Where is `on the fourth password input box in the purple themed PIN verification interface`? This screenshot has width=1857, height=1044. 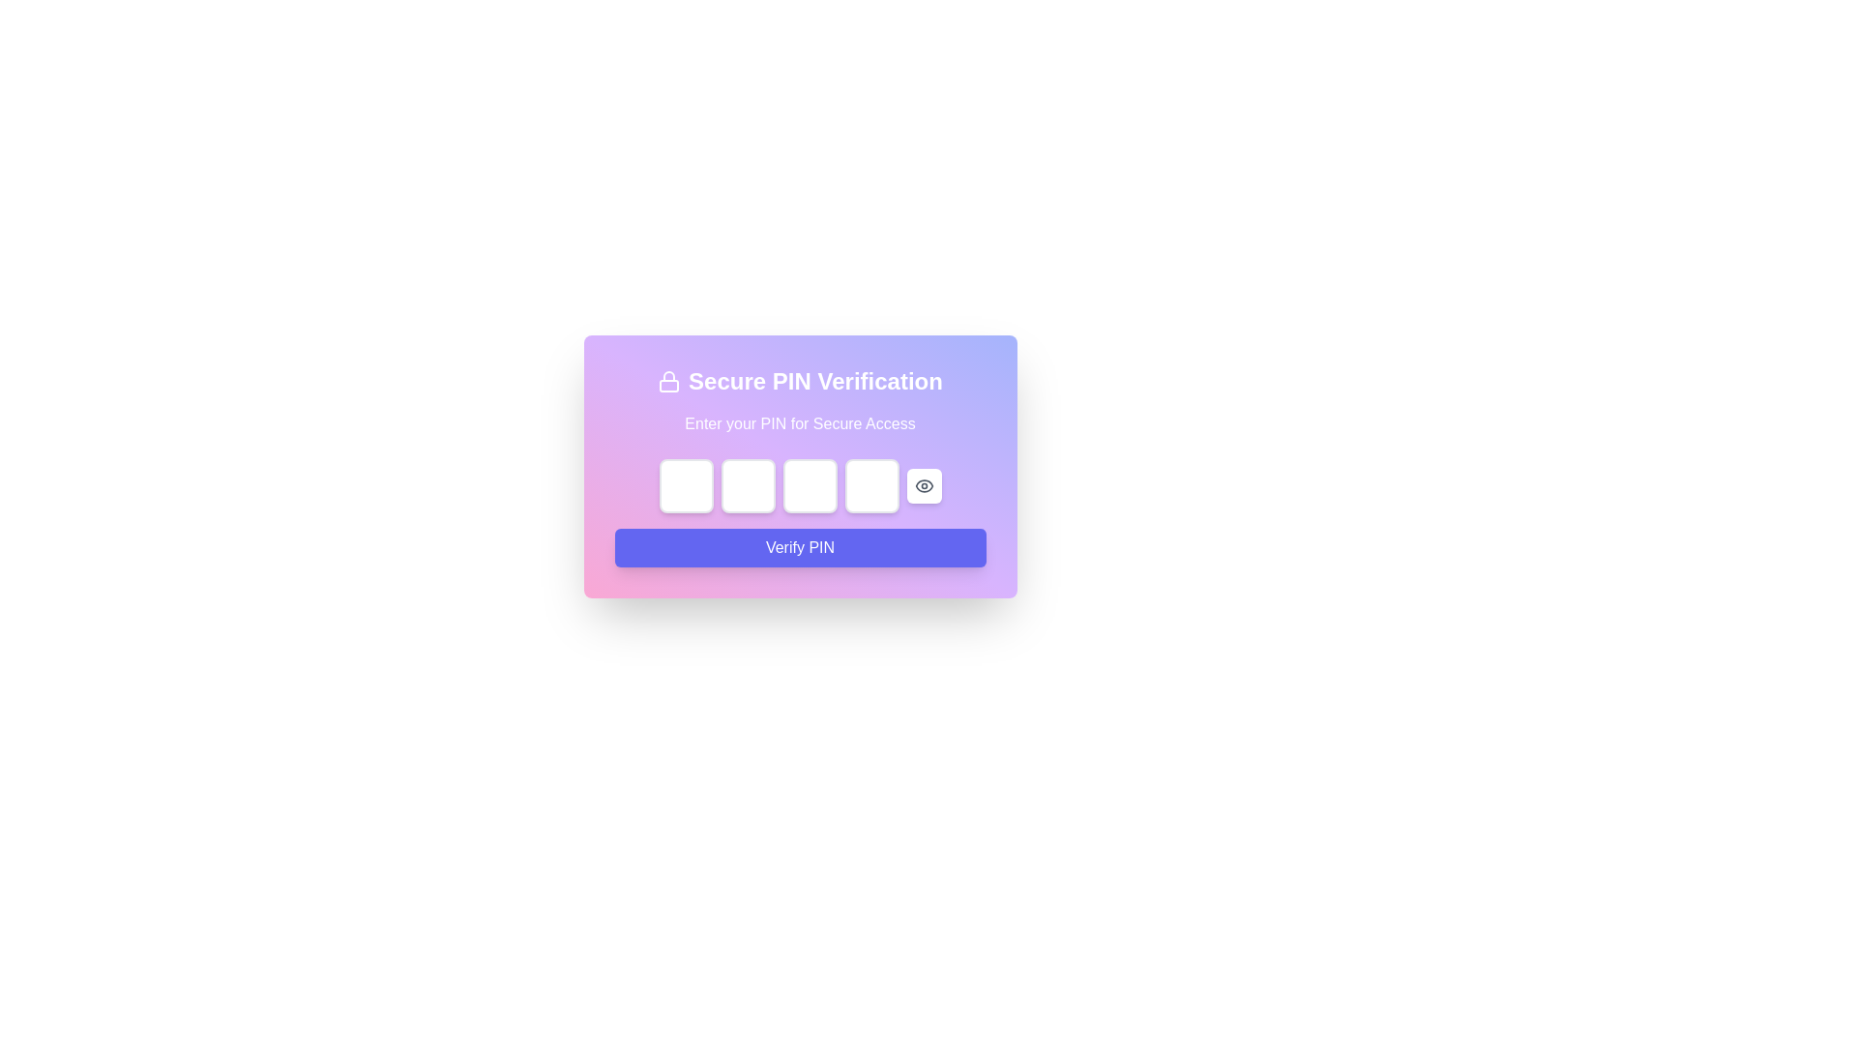 on the fourth password input box in the purple themed PIN verification interface is located at coordinates (870, 484).